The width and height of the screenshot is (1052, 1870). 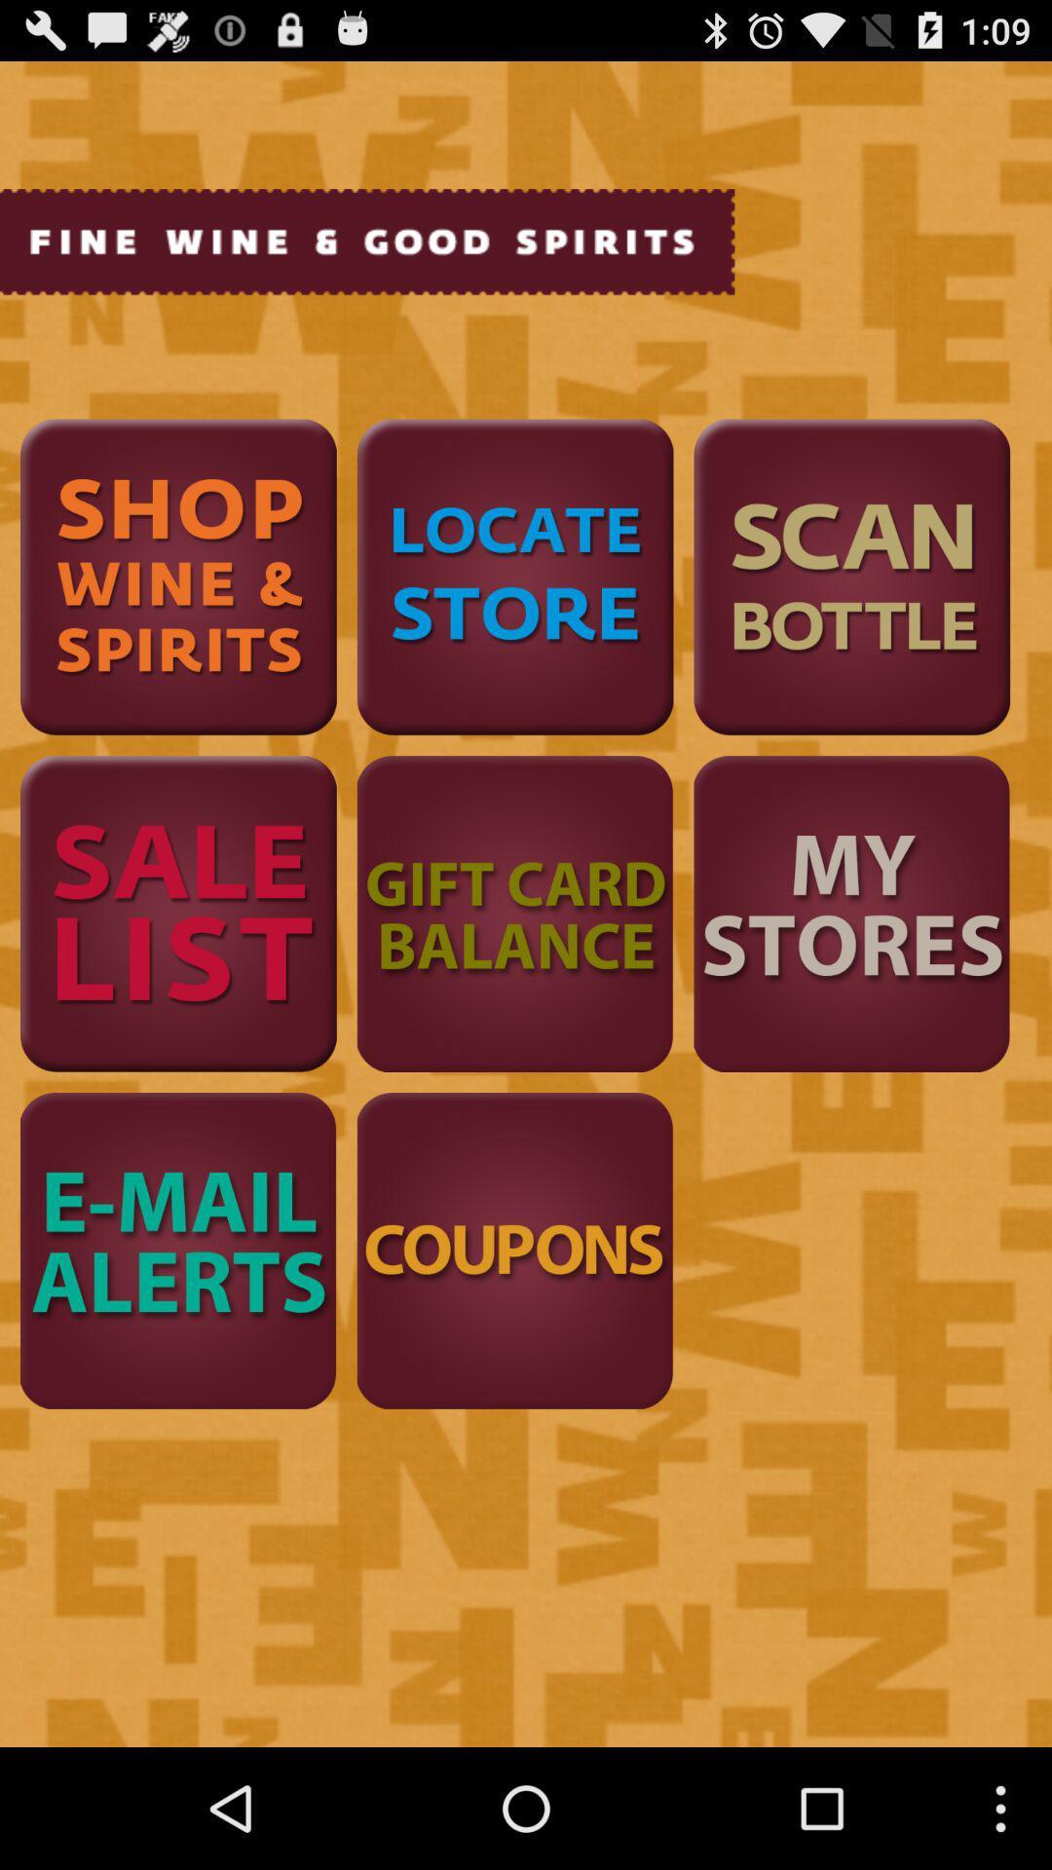 What do you see at coordinates (514, 576) in the screenshot?
I see `click the locate store option` at bounding box center [514, 576].